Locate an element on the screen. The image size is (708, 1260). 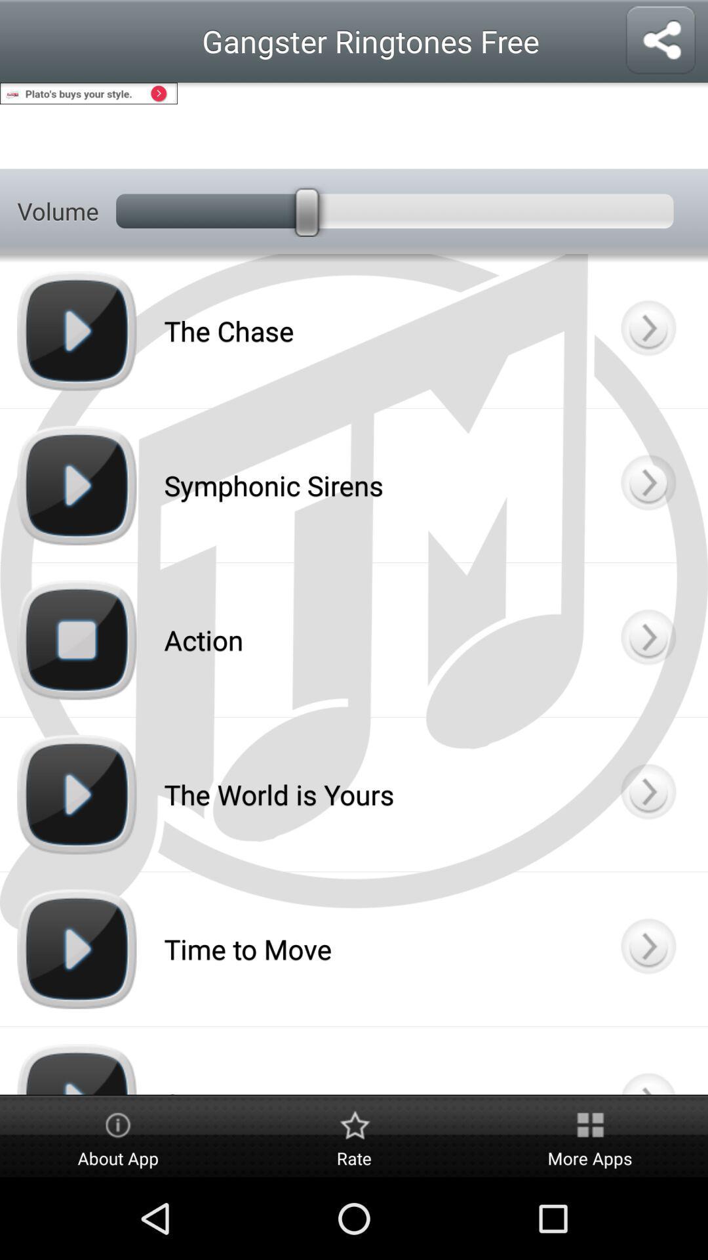
time to move is located at coordinates (647, 949).